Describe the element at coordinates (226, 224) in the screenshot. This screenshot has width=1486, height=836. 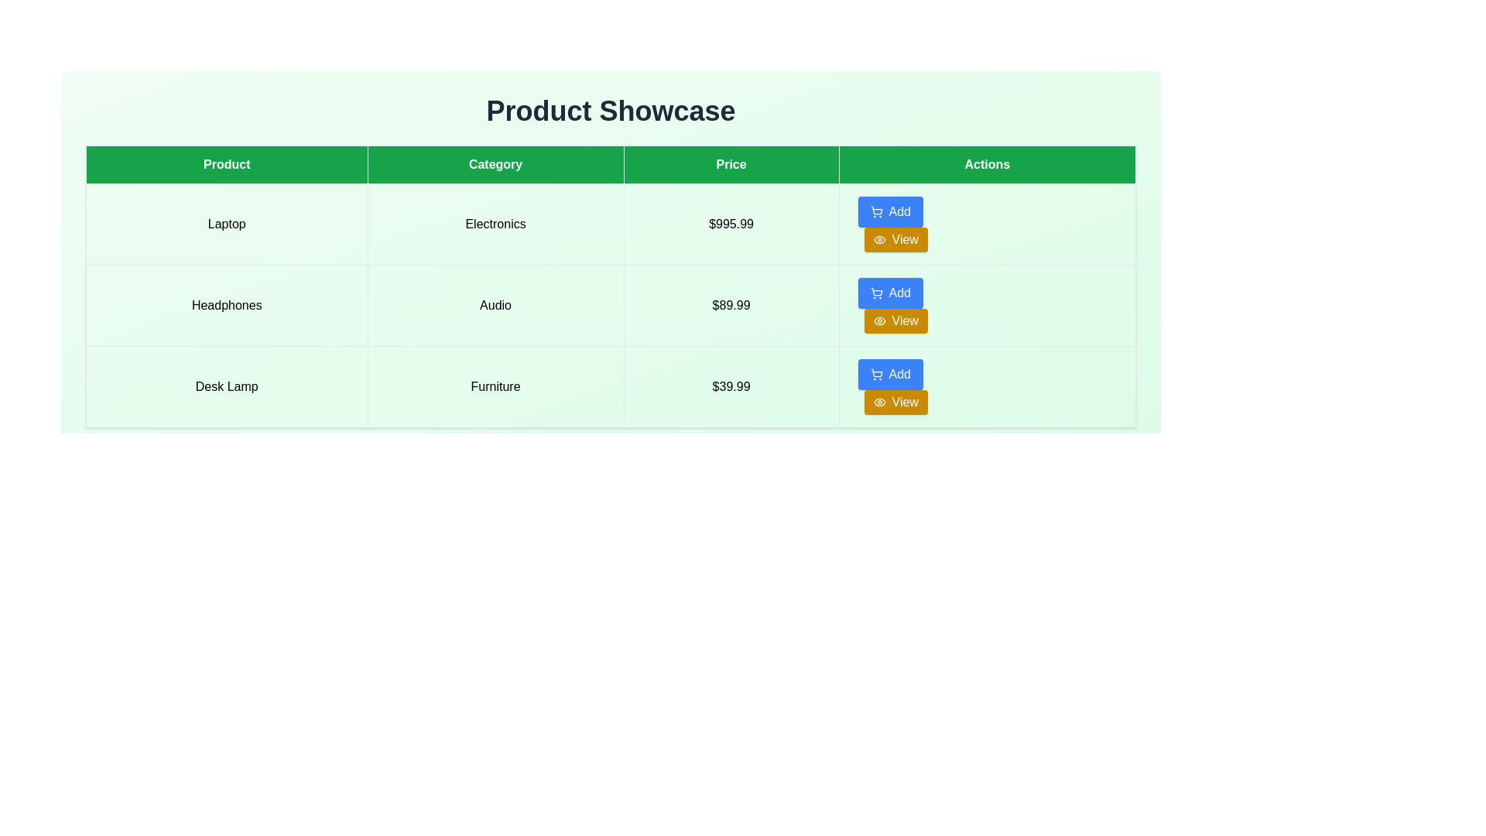
I see `the text label displaying the product name 'Laptop' in the first row and first column of the table, directly beneath the 'Product' header` at that location.